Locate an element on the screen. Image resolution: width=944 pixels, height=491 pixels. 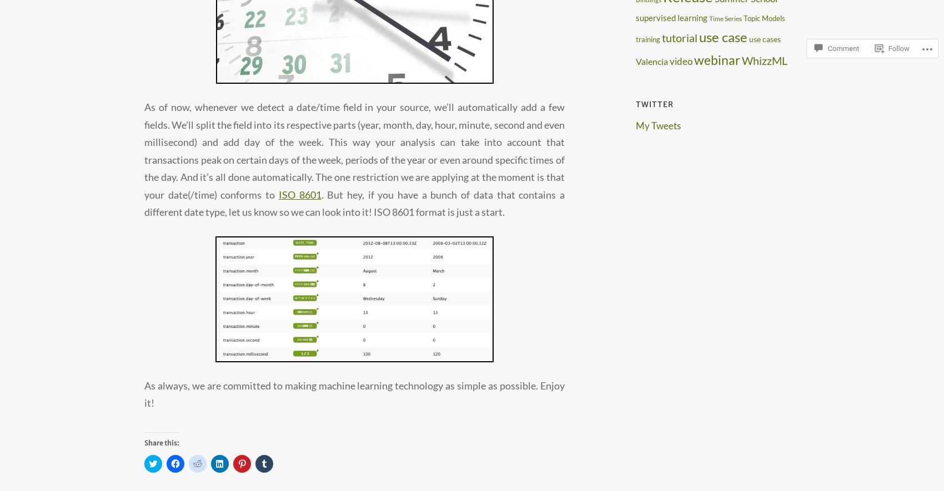
'use cases' is located at coordinates (765, 38).